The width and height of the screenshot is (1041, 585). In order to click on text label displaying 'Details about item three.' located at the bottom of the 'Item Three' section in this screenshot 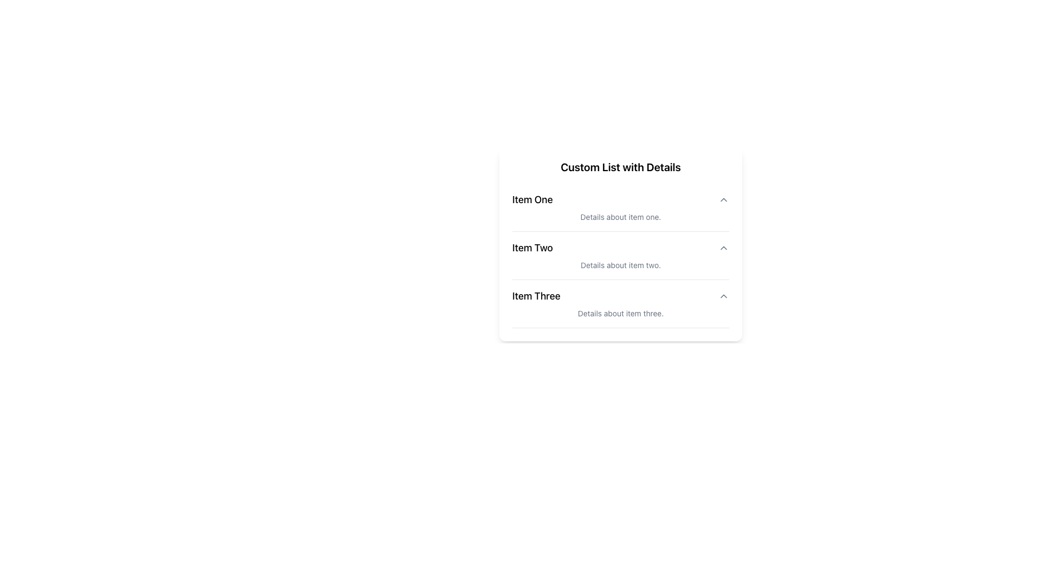, I will do `click(621, 313)`.